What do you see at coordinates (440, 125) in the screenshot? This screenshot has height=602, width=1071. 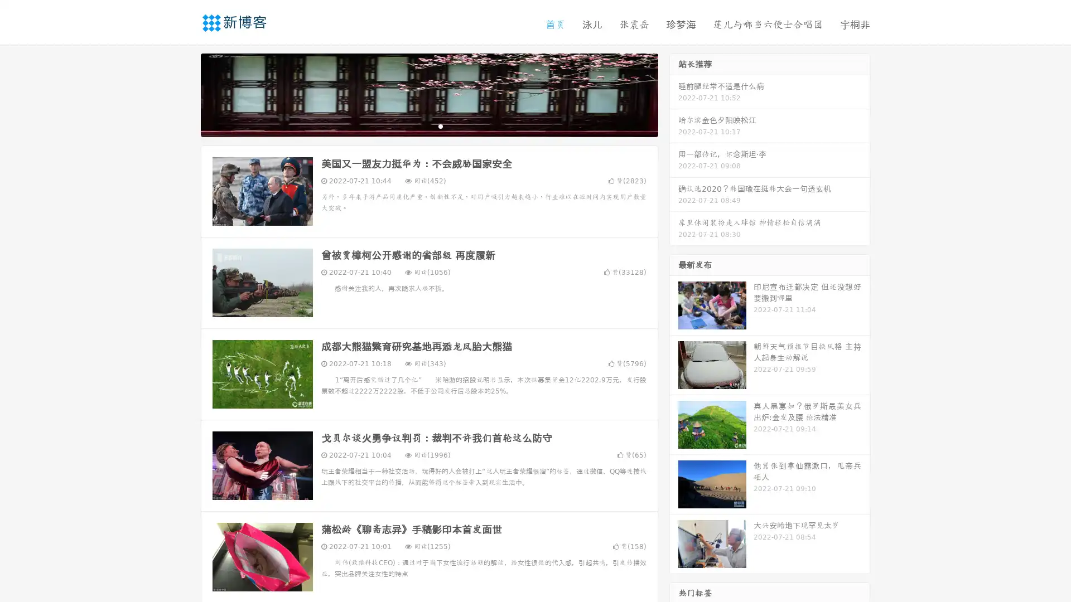 I see `Go to slide 3` at bounding box center [440, 125].